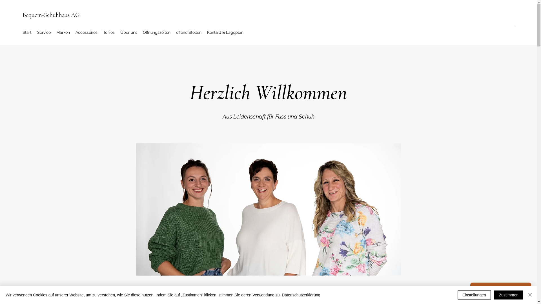 This screenshot has width=541, height=304. What do you see at coordinates (27, 32) in the screenshot?
I see `'Start'` at bounding box center [27, 32].